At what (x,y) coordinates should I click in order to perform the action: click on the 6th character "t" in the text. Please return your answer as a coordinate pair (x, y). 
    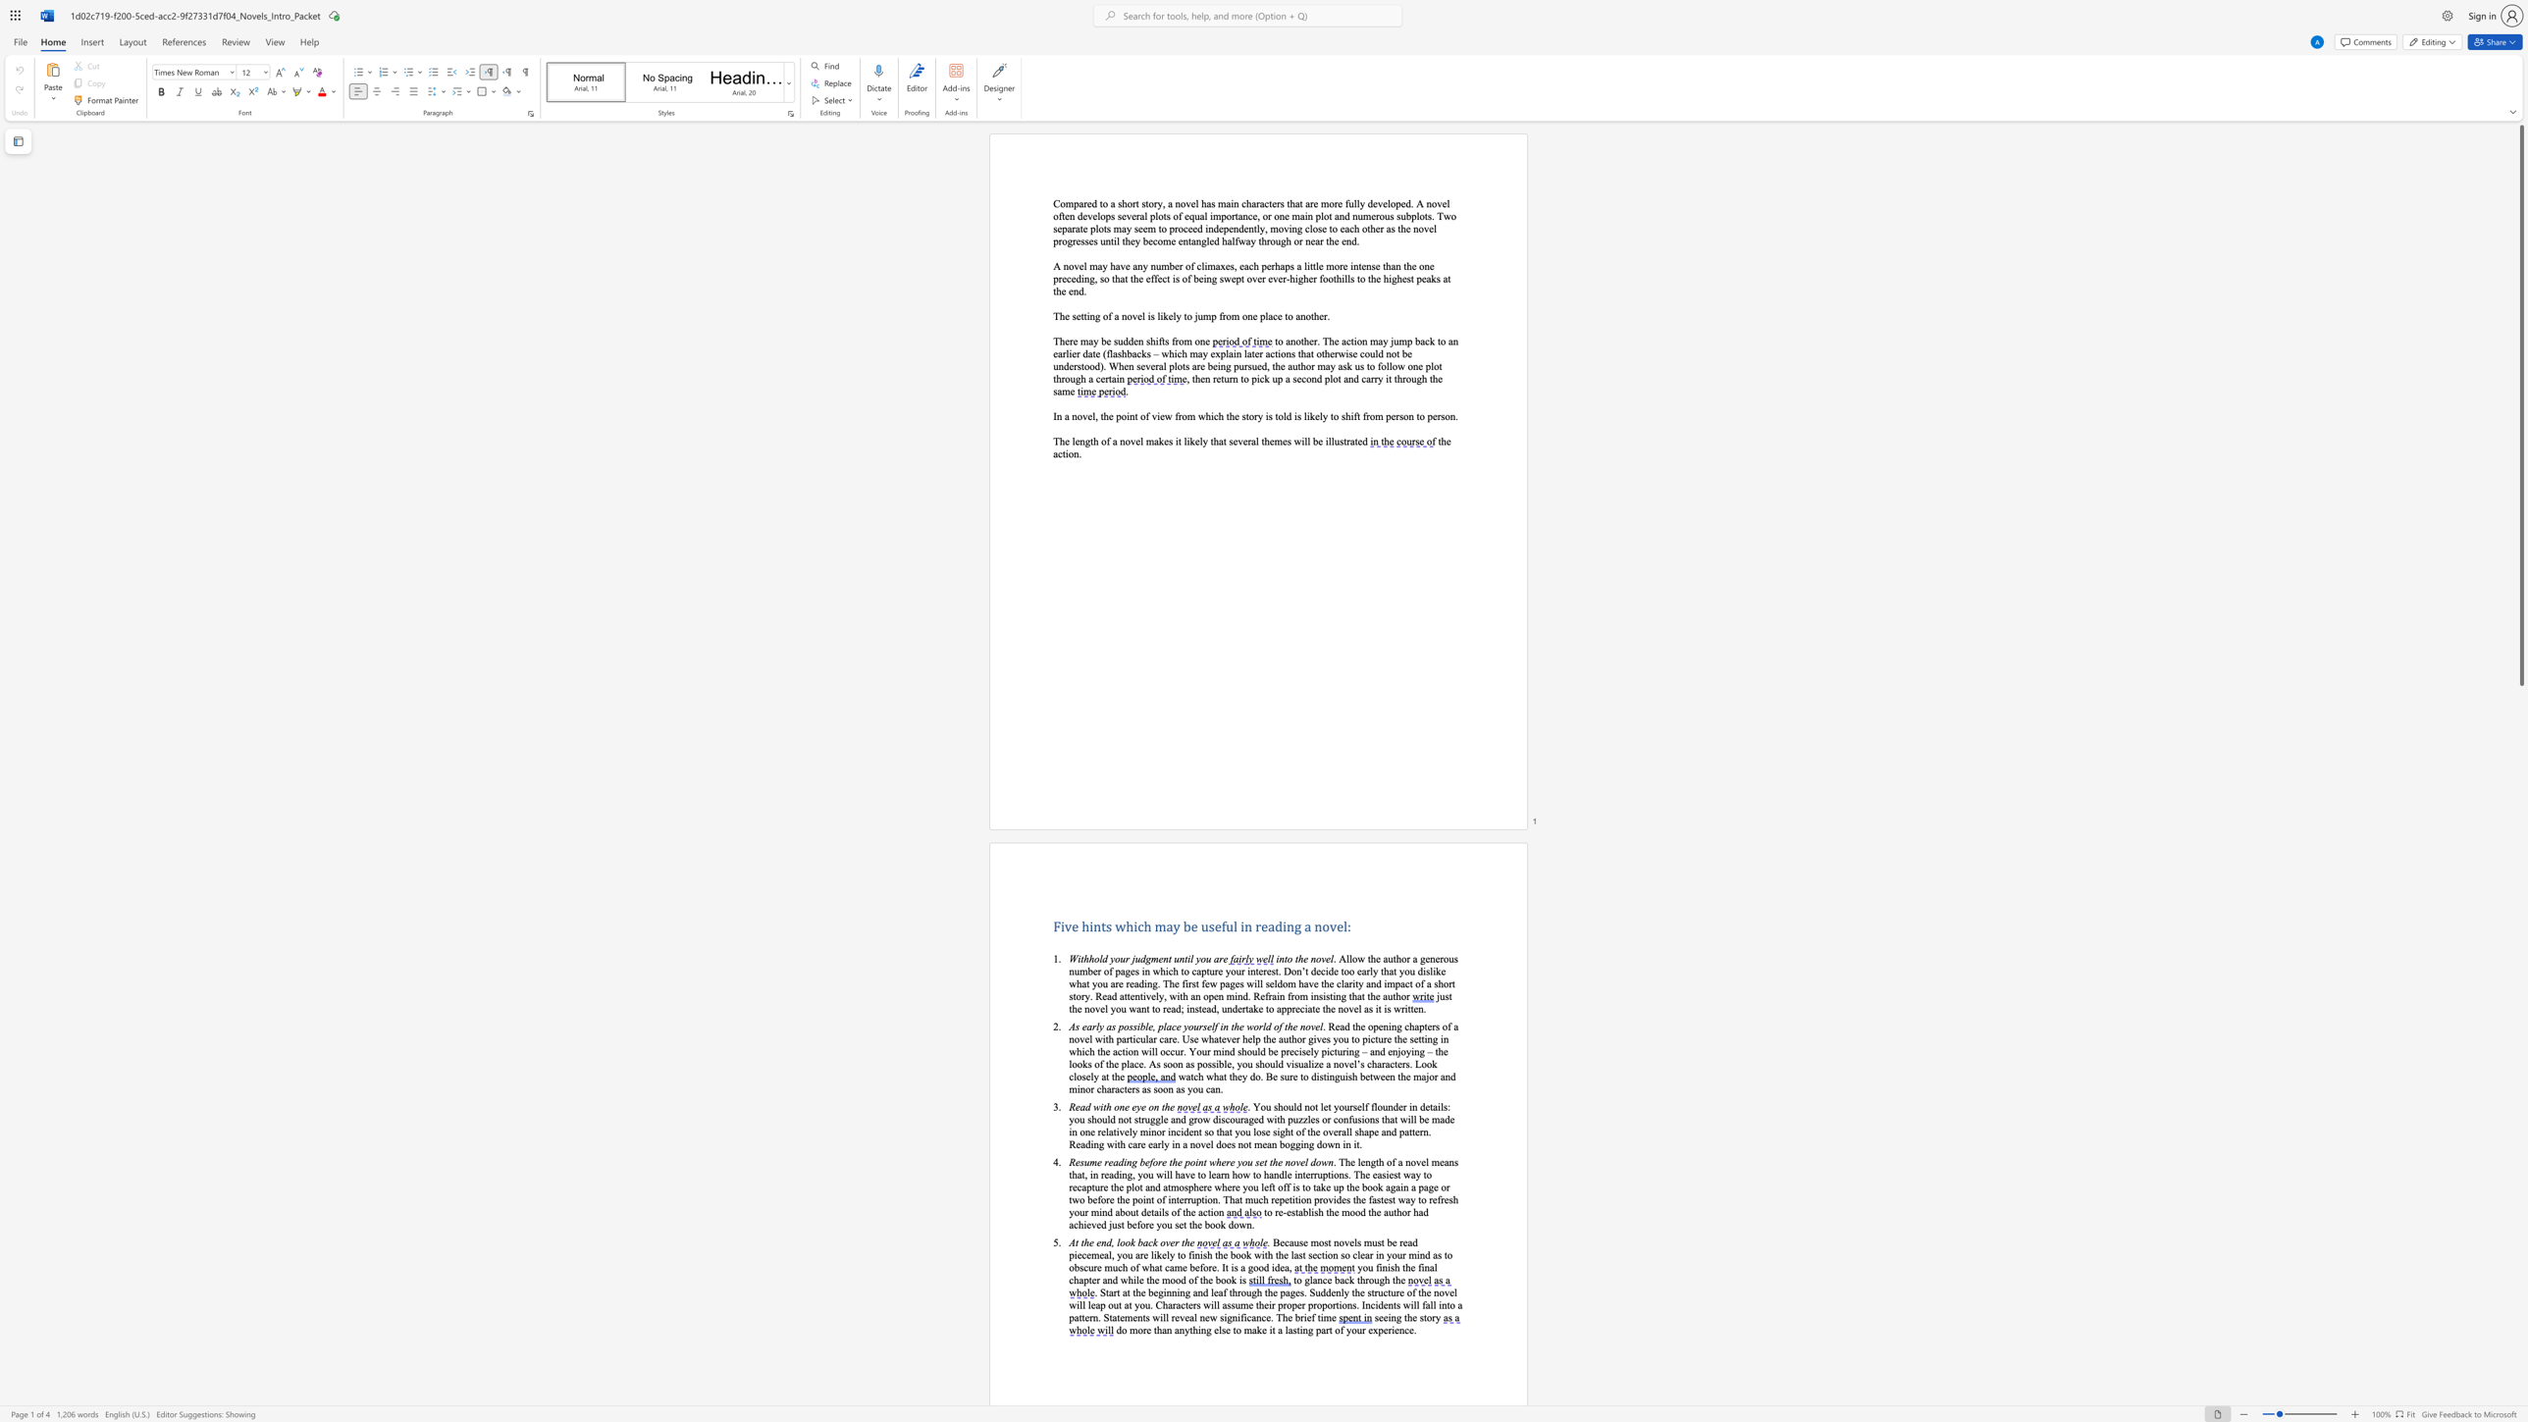
    Looking at the image, I should click on (1276, 1253).